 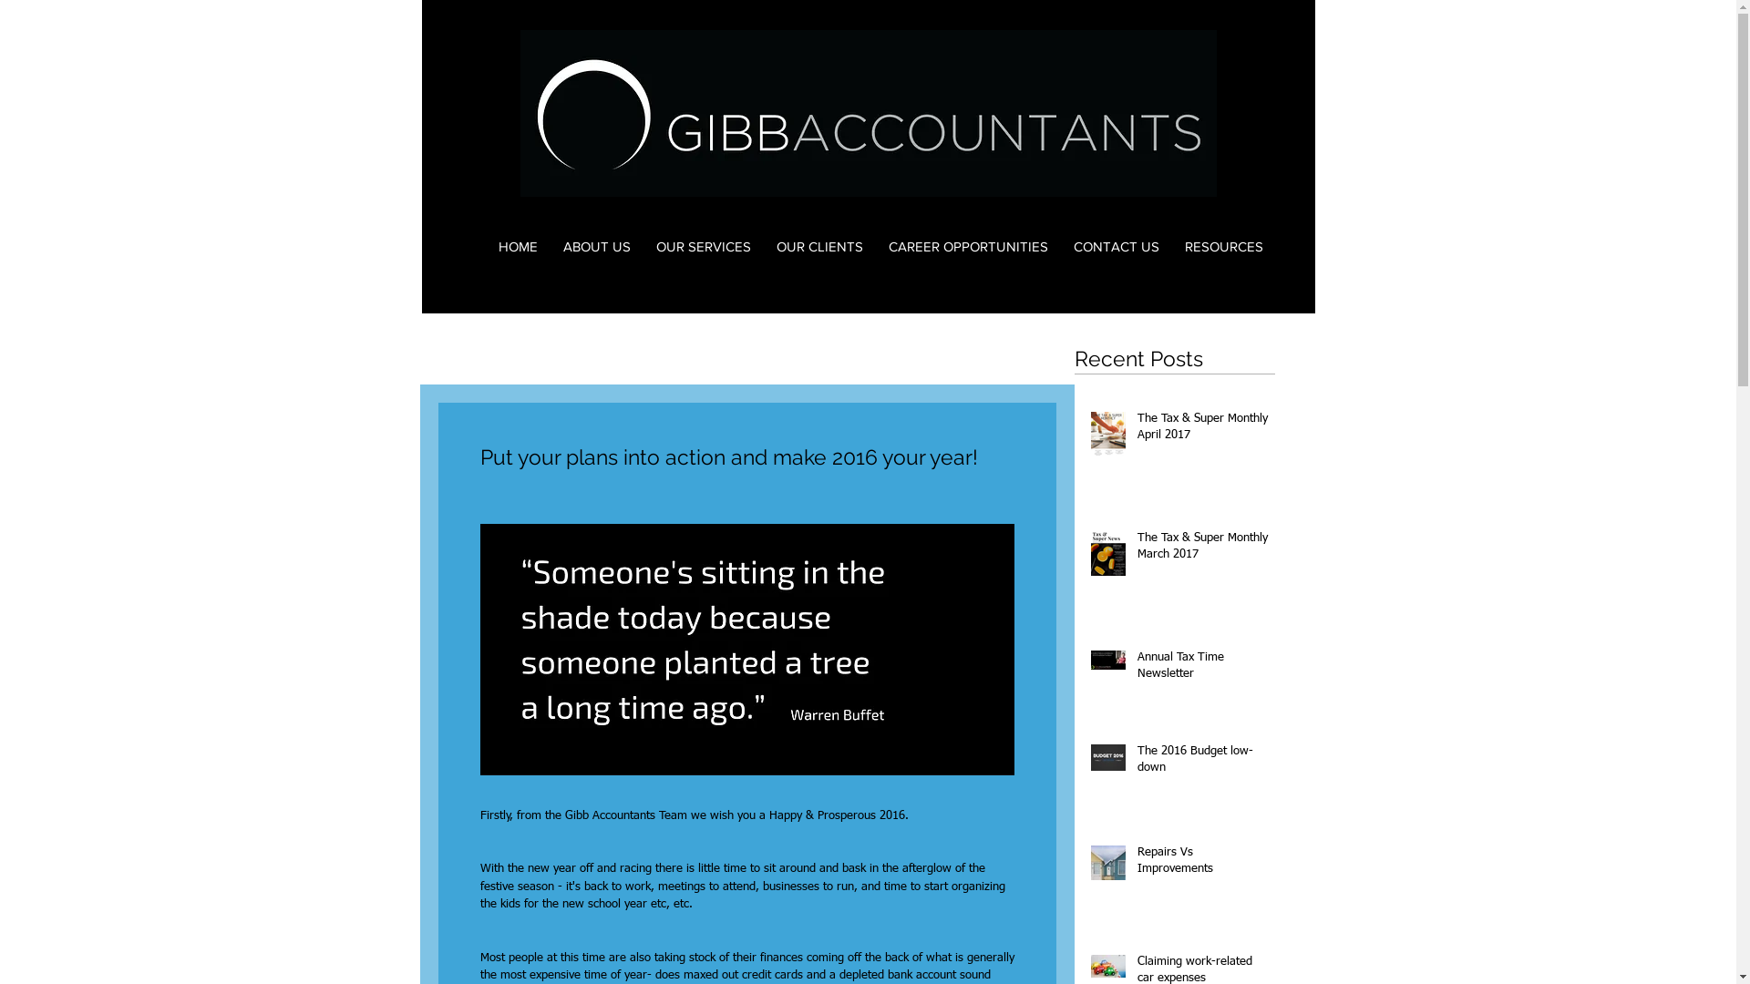 I want to click on 'ABOUT US', so click(x=596, y=246).